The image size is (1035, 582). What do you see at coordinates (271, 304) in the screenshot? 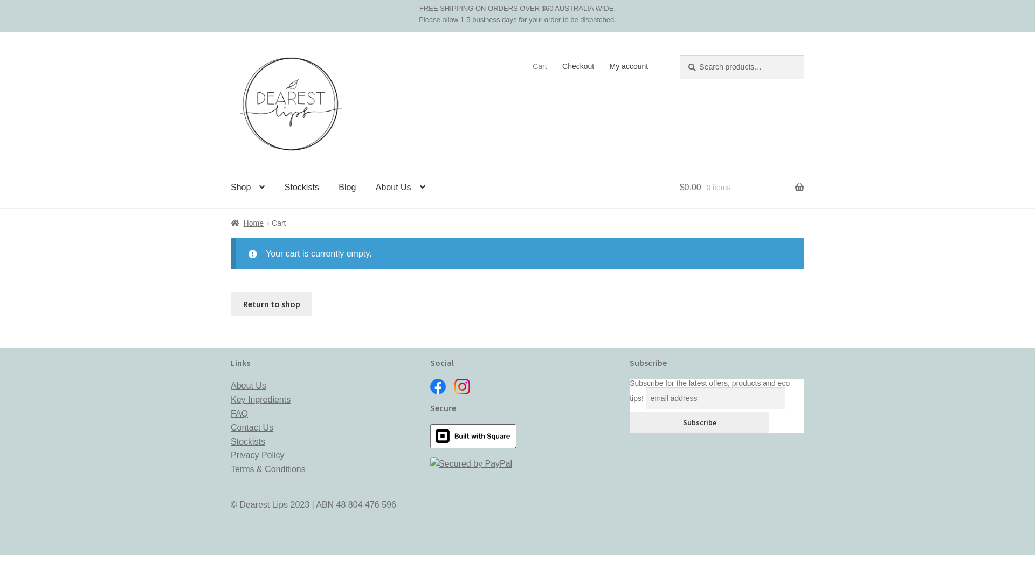
I see `'Return to shop'` at bounding box center [271, 304].